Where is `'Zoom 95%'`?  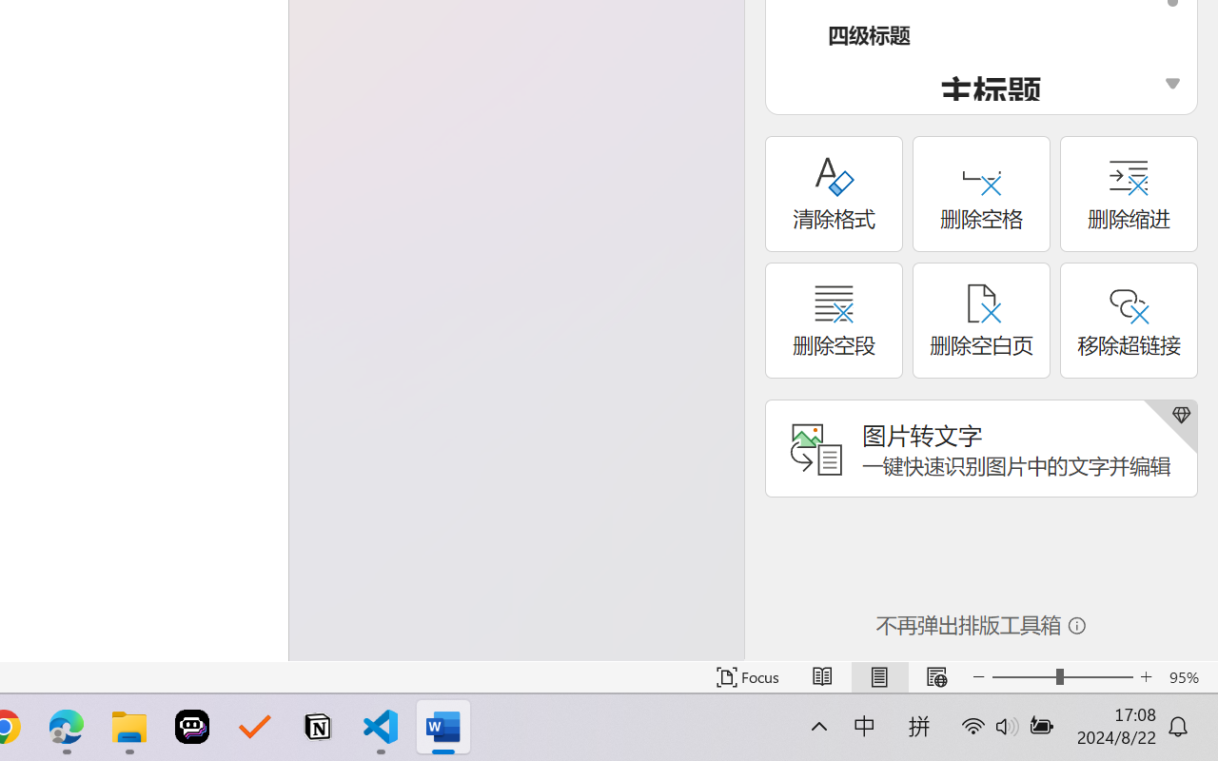 'Zoom 95%' is located at coordinates (1188, 676).